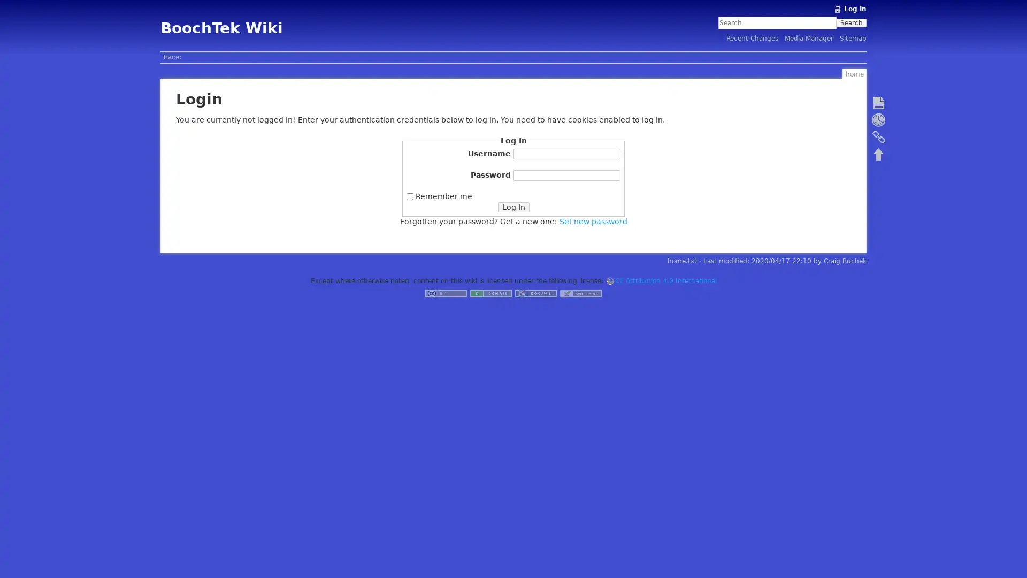 This screenshot has width=1027, height=578. Describe the element at coordinates (850, 22) in the screenshot. I see `Search` at that location.